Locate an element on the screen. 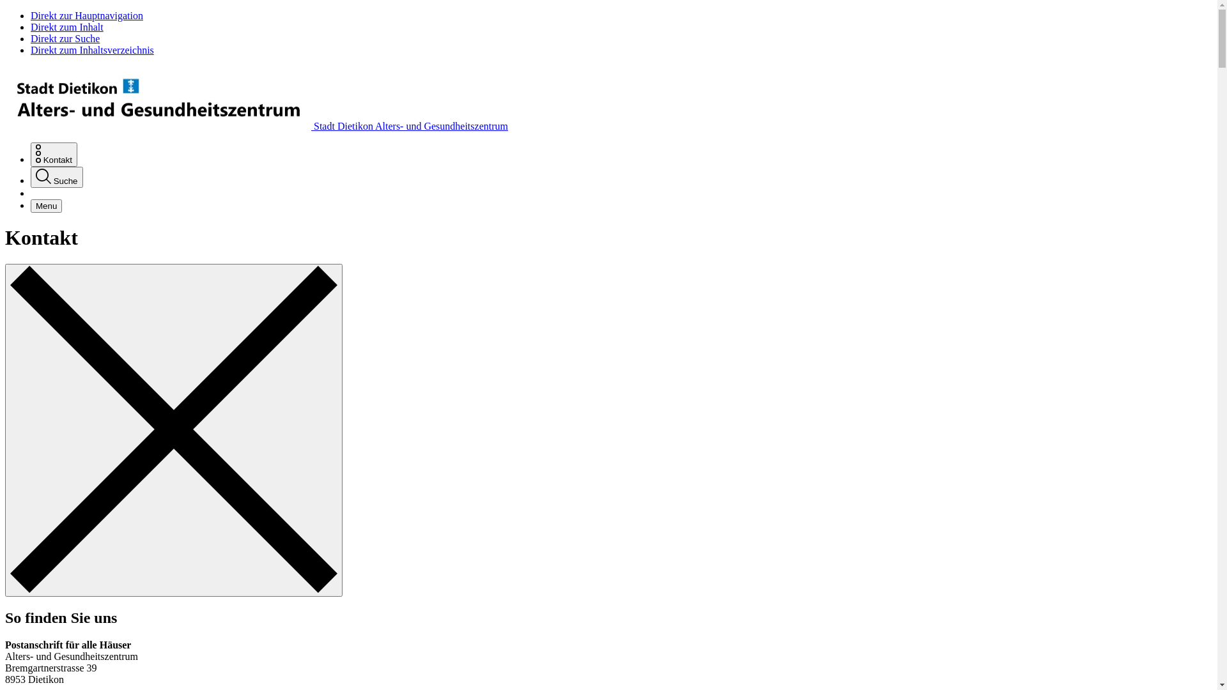 The width and height of the screenshot is (1227, 690). 'Direkt zur Hauptnavigation' is located at coordinates (86, 15).